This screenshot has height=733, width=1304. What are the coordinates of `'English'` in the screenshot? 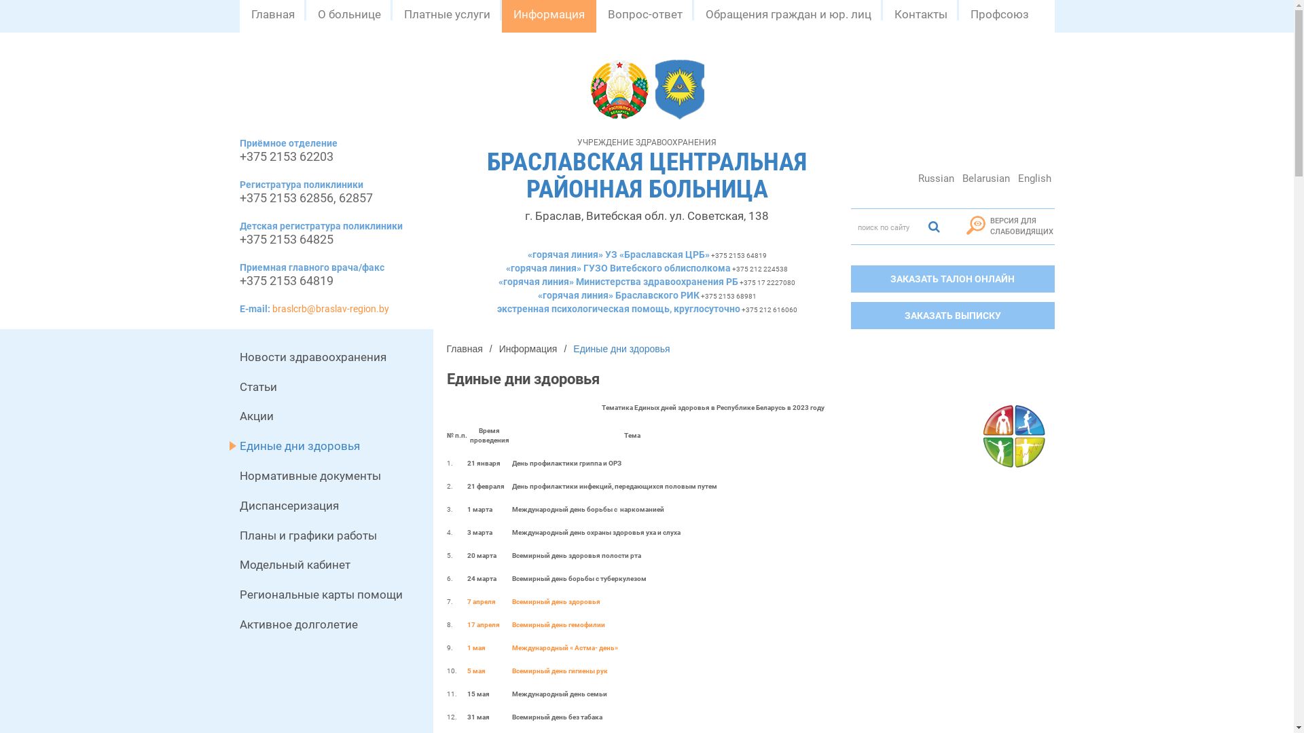 It's located at (1034, 177).